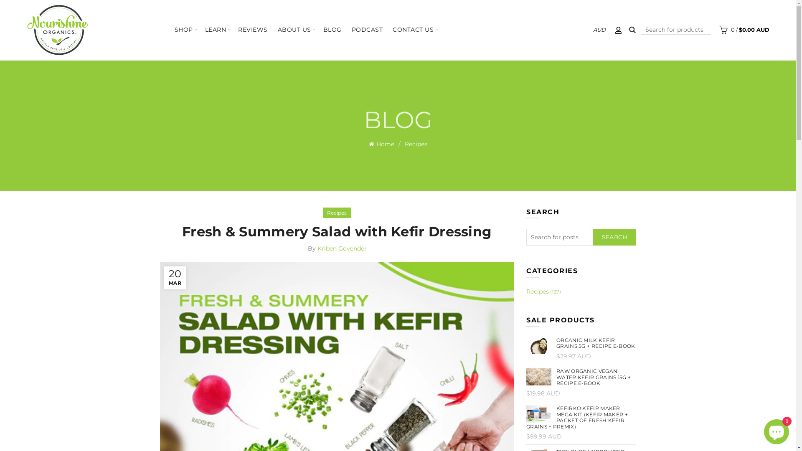 This screenshot has width=802, height=451. Describe the element at coordinates (332, 29) in the screenshot. I see `'BLOG'` at that location.